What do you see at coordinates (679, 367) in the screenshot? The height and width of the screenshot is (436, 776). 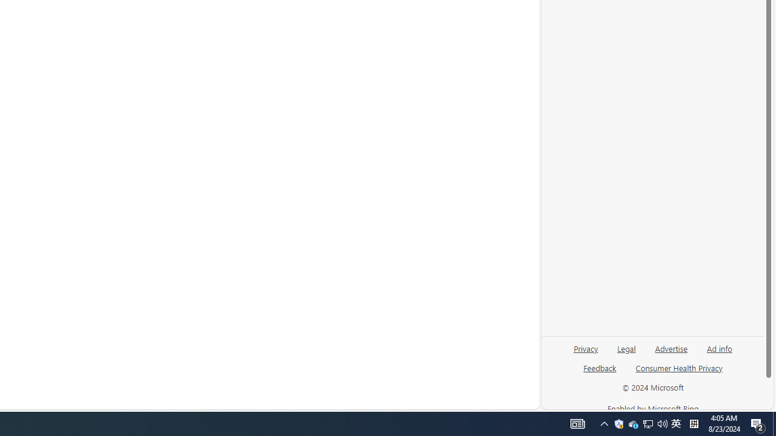 I see `'Consumer Health Privacy'` at bounding box center [679, 367].